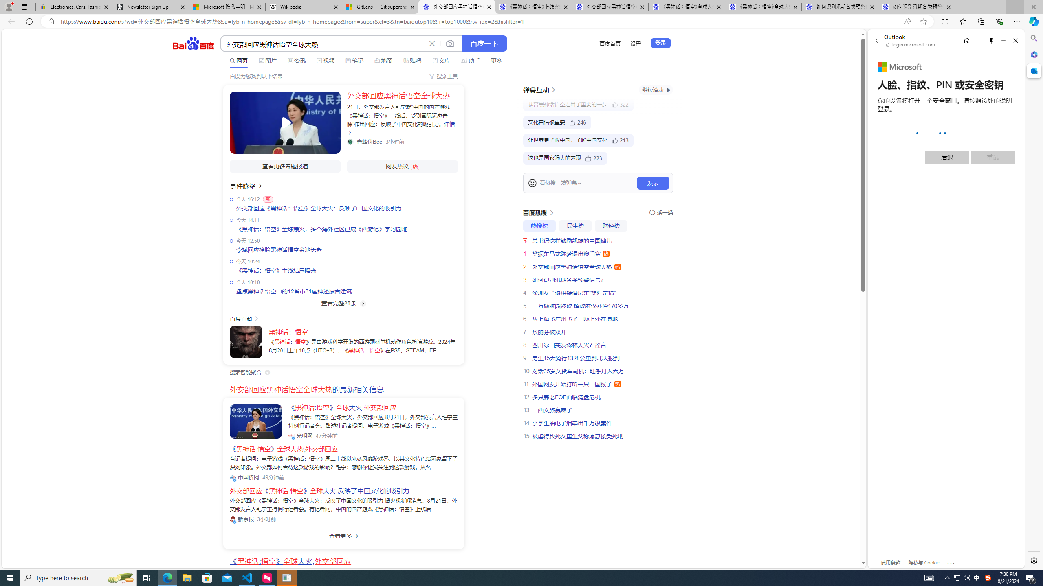  I want to click on 'login.microsoft.com', so click(911, 44).